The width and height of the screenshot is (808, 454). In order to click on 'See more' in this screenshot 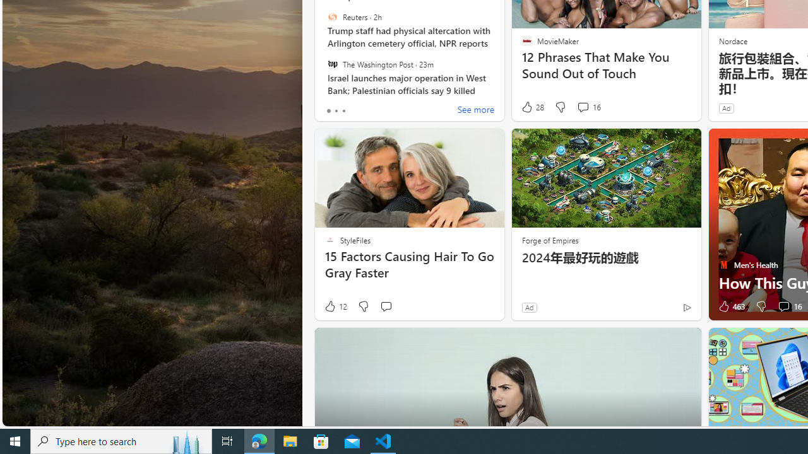, I will do `click(475, 110)`.